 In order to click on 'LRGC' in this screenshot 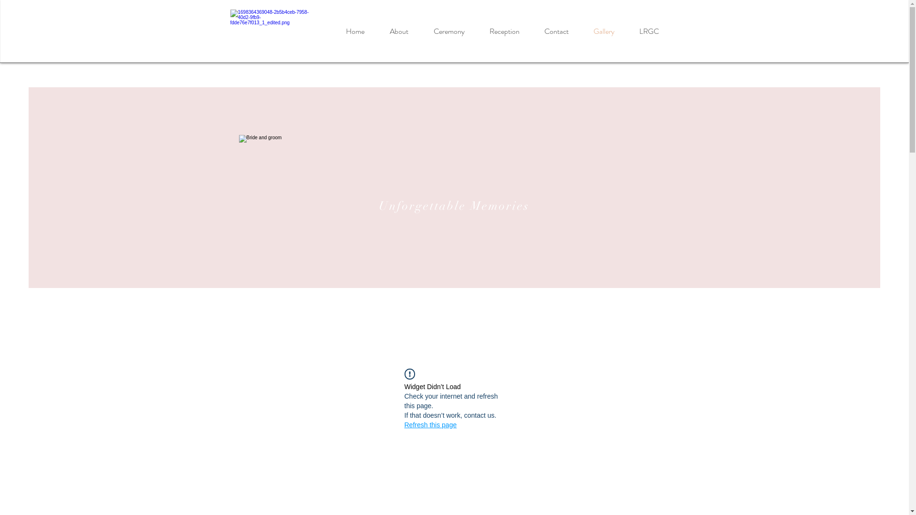, I will do `click(649, 31)`.